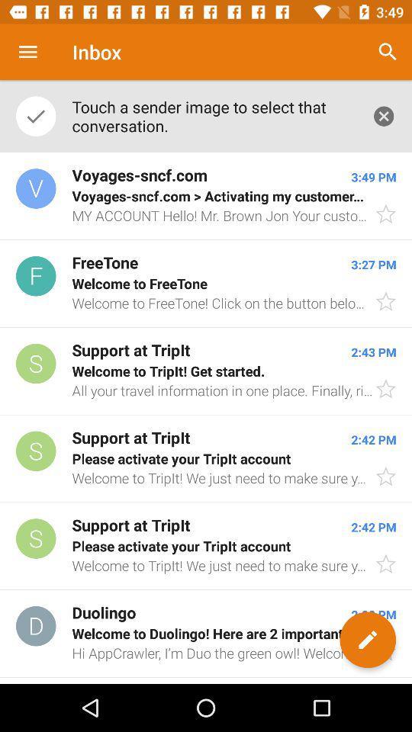 This screenshot has height=732, width=412. I want to click on item next to touch a sender icon, so click(383, 115).